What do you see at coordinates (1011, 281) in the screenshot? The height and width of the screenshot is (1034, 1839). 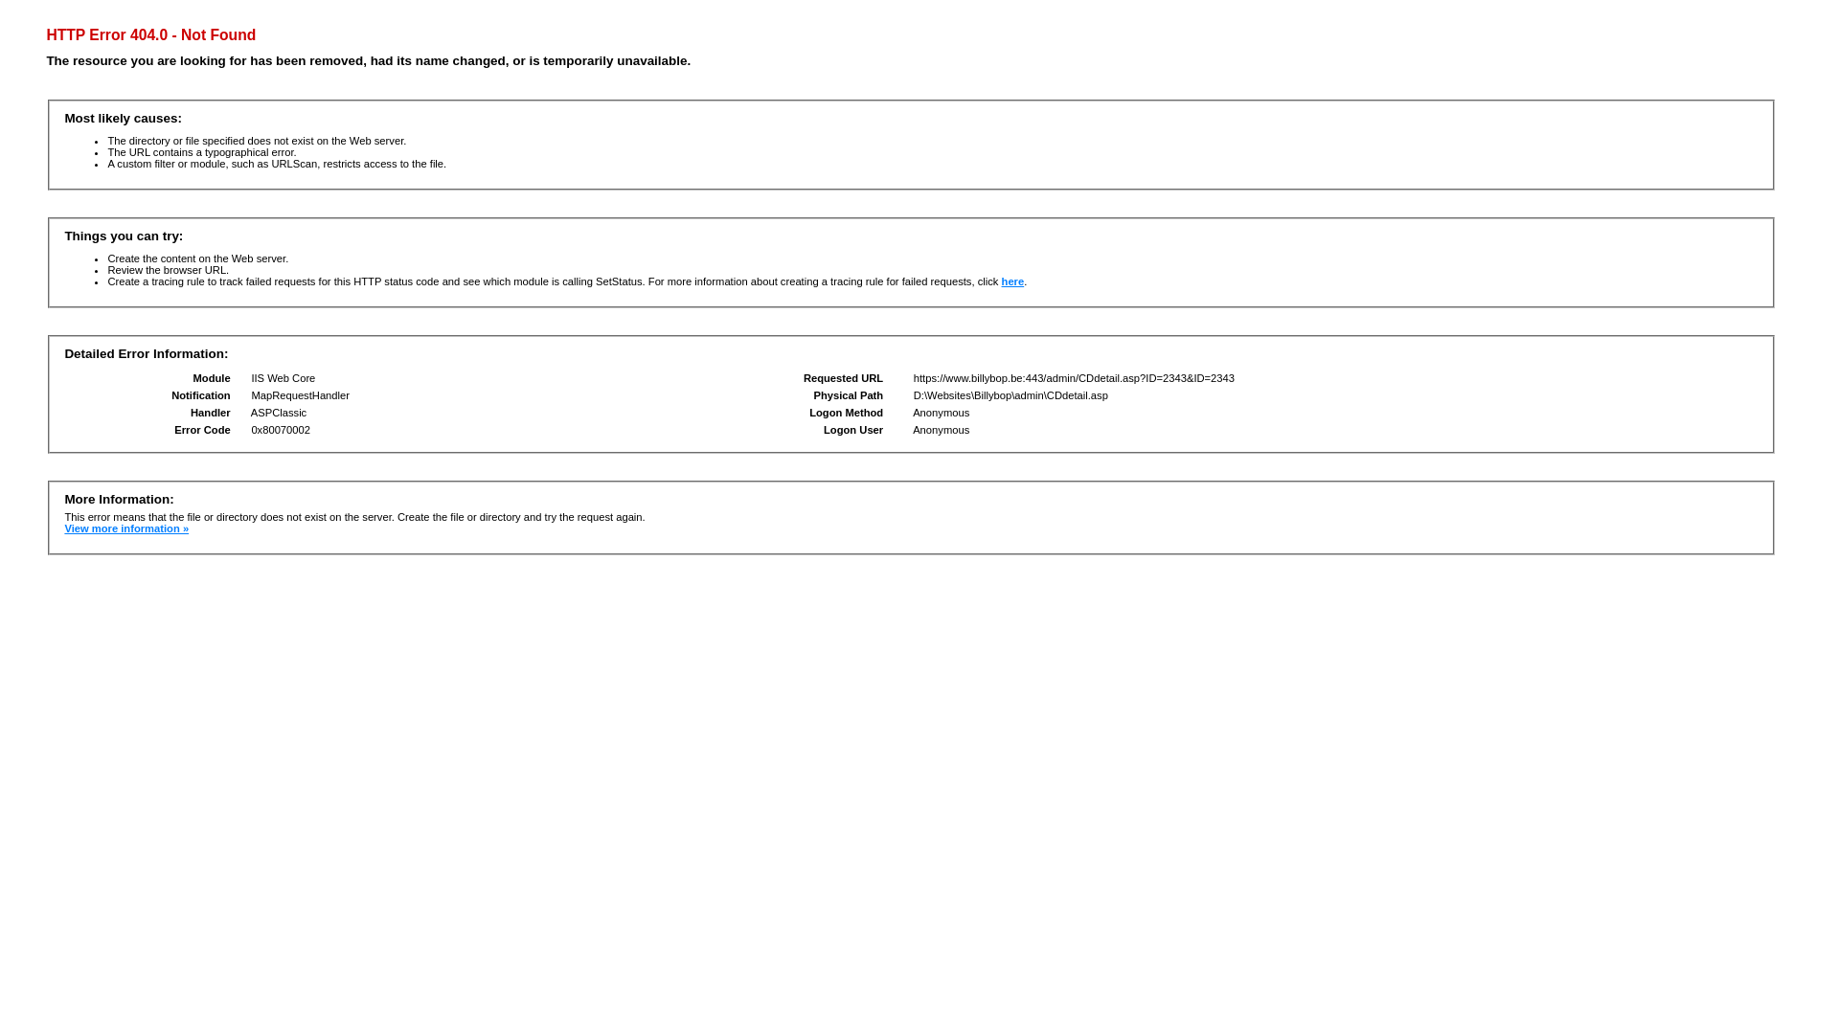 I see `'here'` at bounding box center [1011, 281].